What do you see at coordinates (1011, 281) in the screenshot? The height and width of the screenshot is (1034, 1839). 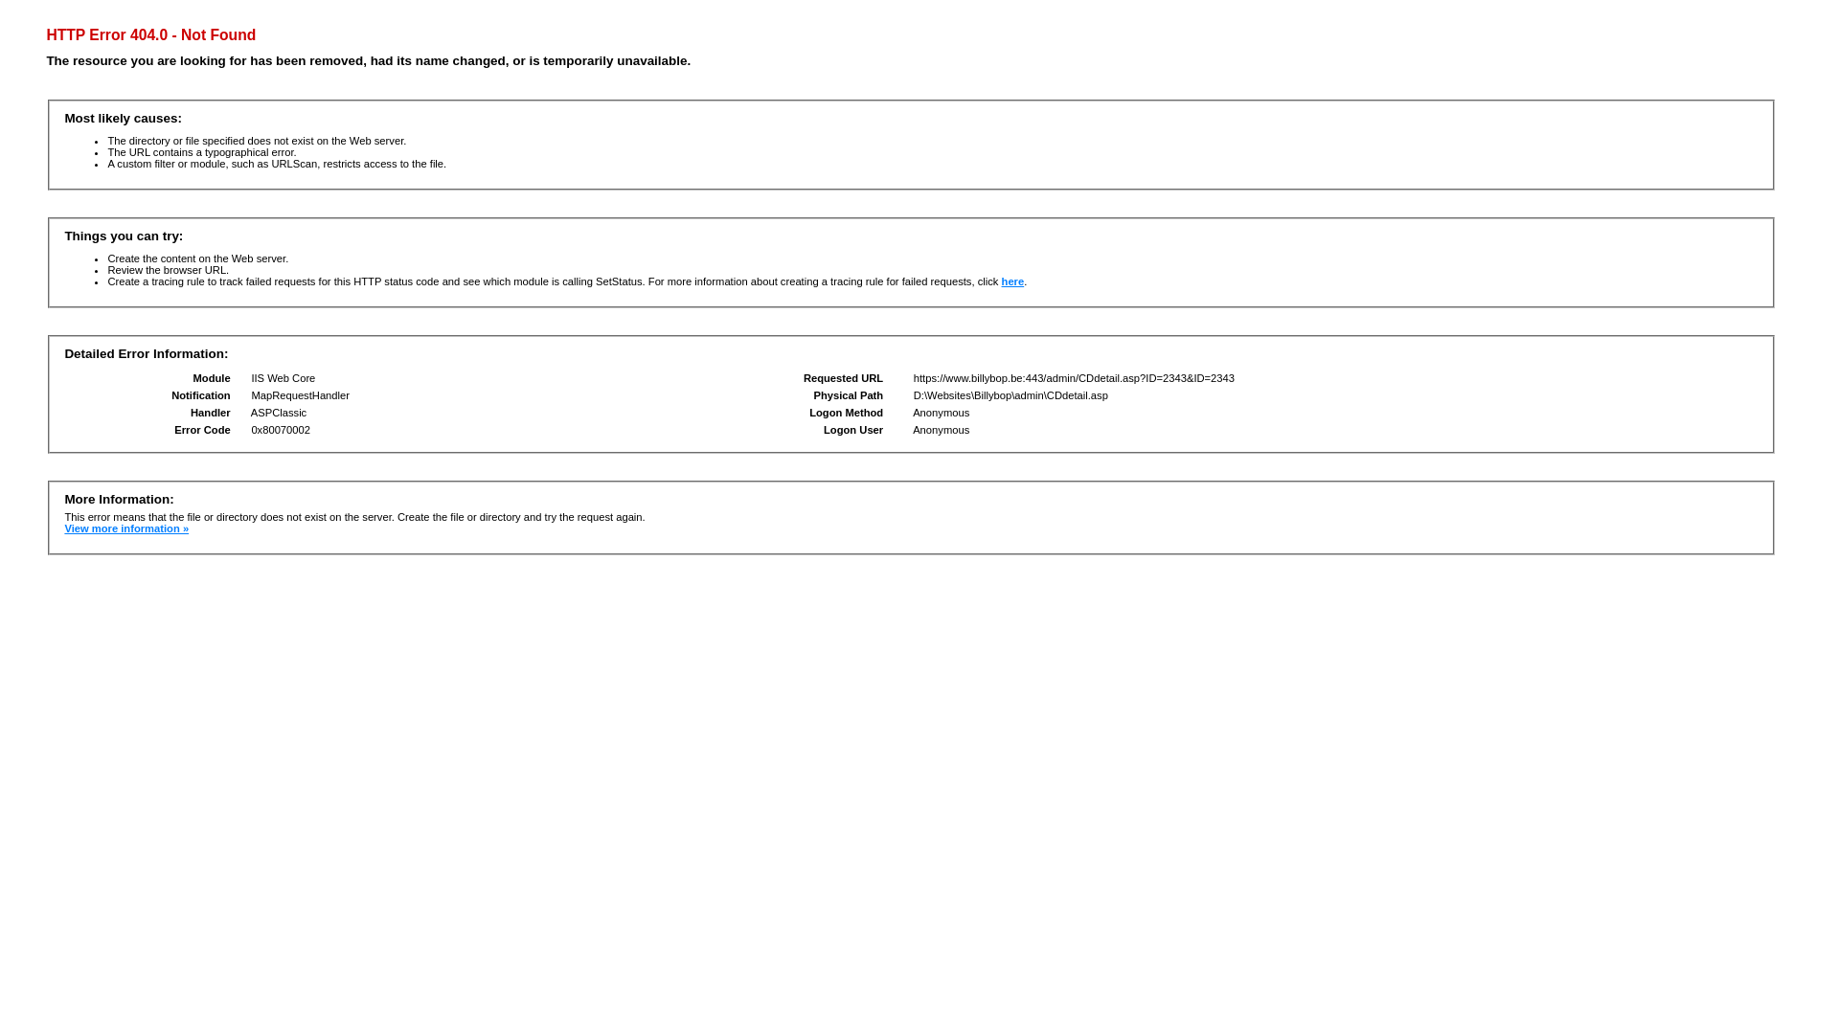 I see `'here'` at bounding box center [1011, 281].